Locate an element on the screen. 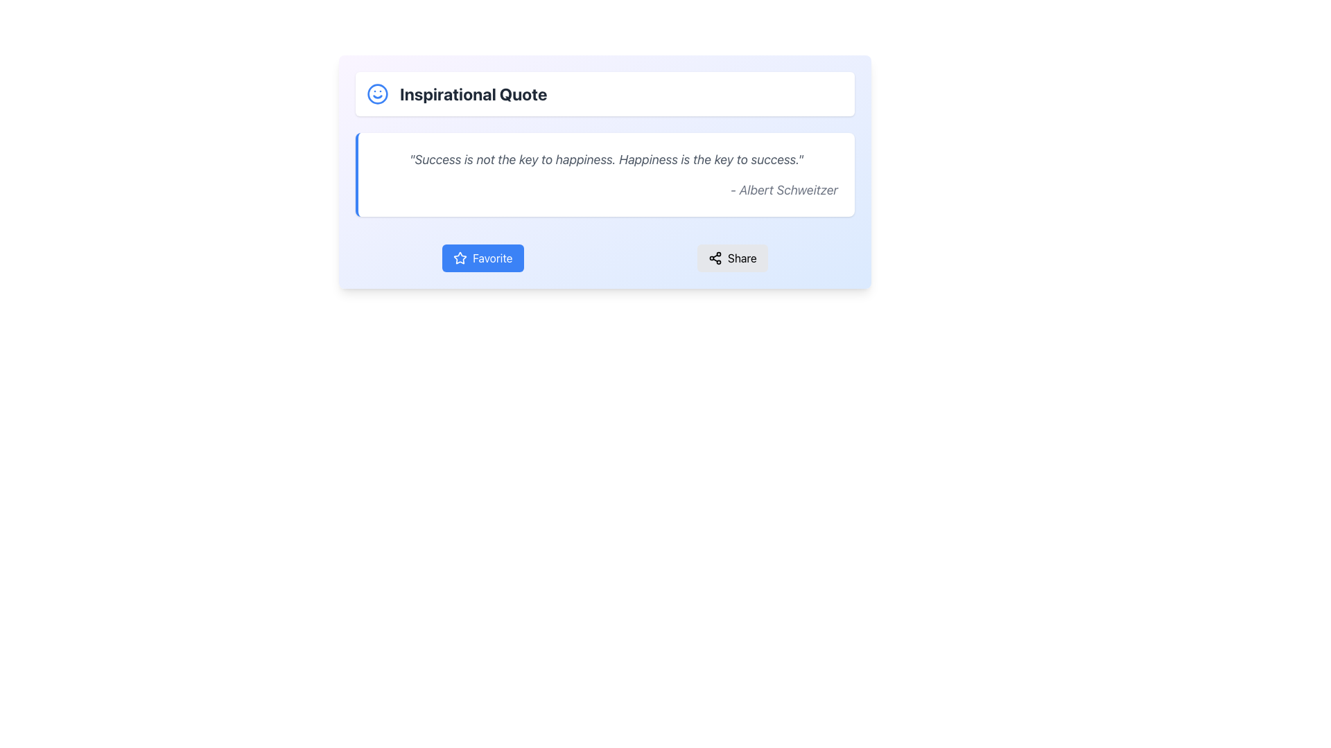 This screenshot has width=1331, height=748. the positivity or friendliness icon positioned to the left of the 'Inspirational Quote' text is located at coordinates (378, 93).